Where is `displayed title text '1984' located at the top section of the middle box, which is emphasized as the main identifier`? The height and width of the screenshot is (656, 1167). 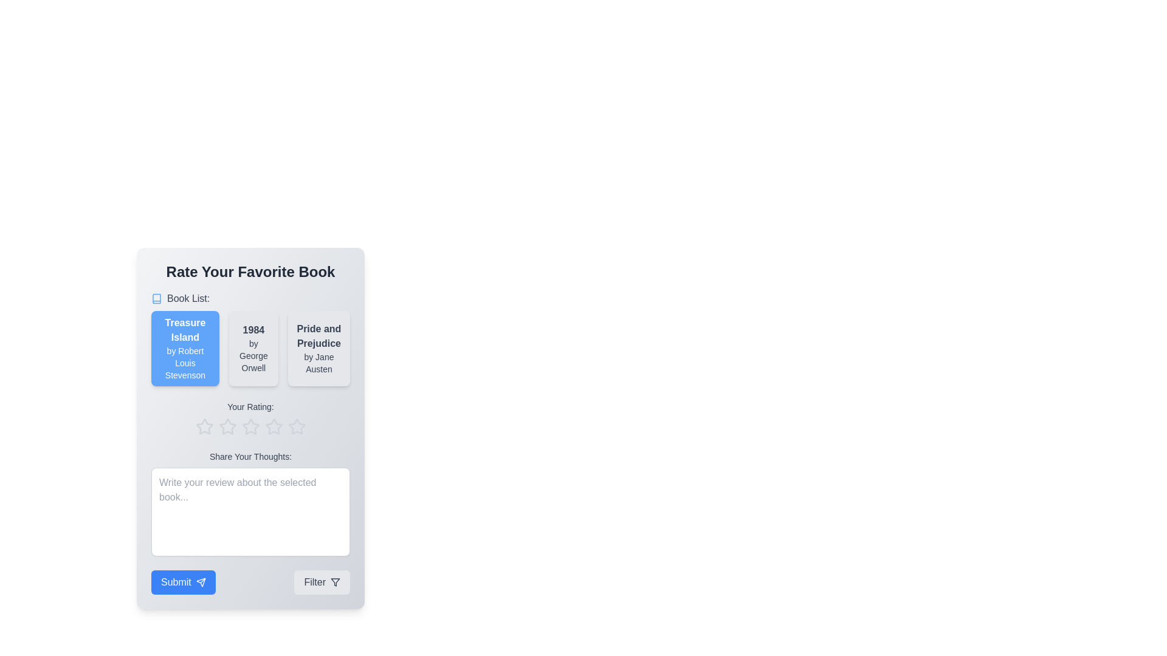
displayed title text '1984' located at the top section of the middle box, which is emphasized as the main identifier is located at coordinates (253, 330).